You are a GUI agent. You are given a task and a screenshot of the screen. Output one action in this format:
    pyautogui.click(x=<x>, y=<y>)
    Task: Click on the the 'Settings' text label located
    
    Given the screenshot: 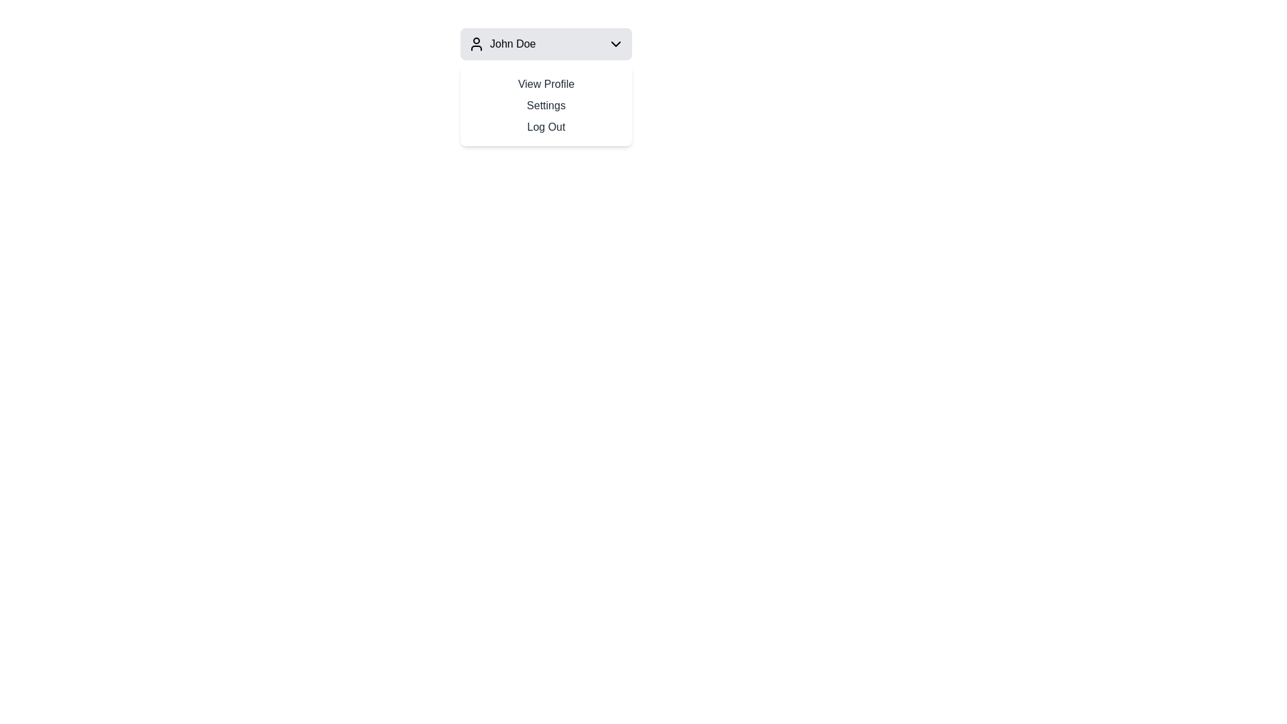 What is the action you would take?
    pyautogui.click(x=546, y=105)
    